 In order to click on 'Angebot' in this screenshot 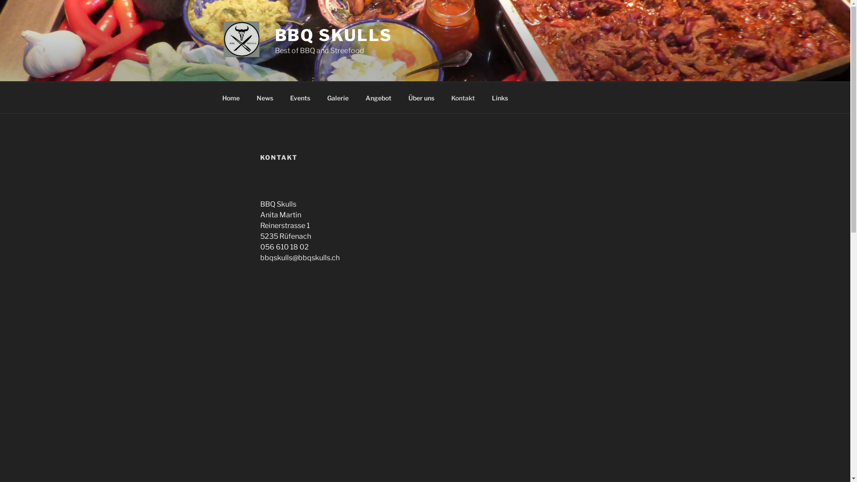, I will do `click(379, 97)`.